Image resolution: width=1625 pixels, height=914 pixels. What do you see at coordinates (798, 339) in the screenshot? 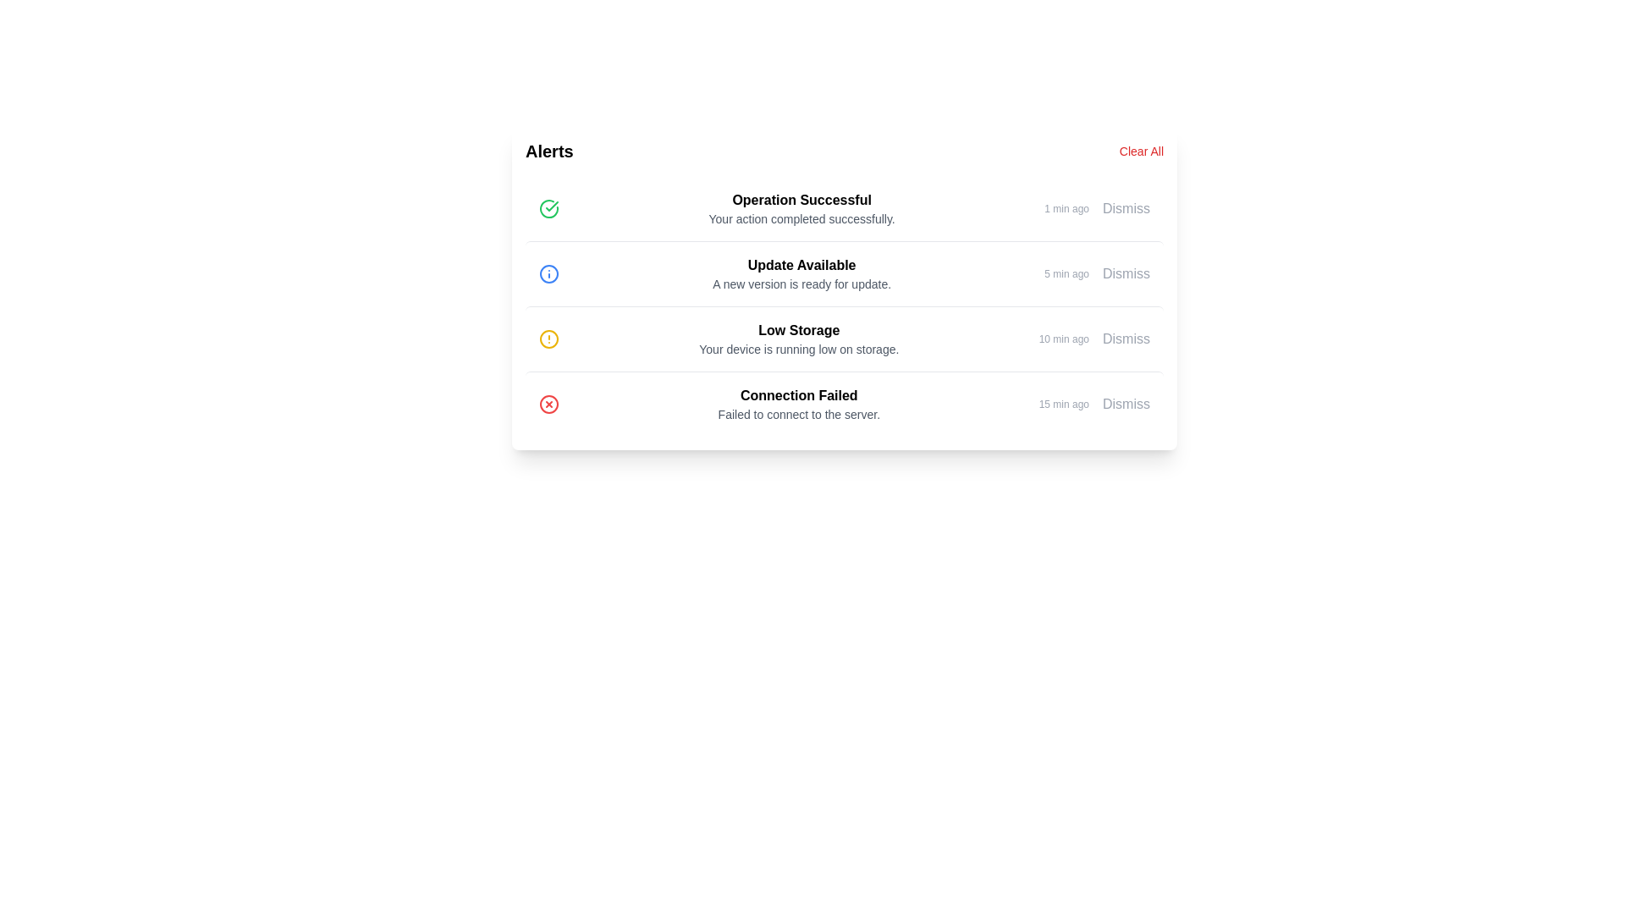
I see `notification element displaying the title 'Low Storage' and the description 'Your device is running low on storage.' which is the third item in the notification list` at bounding box center [798, 339].